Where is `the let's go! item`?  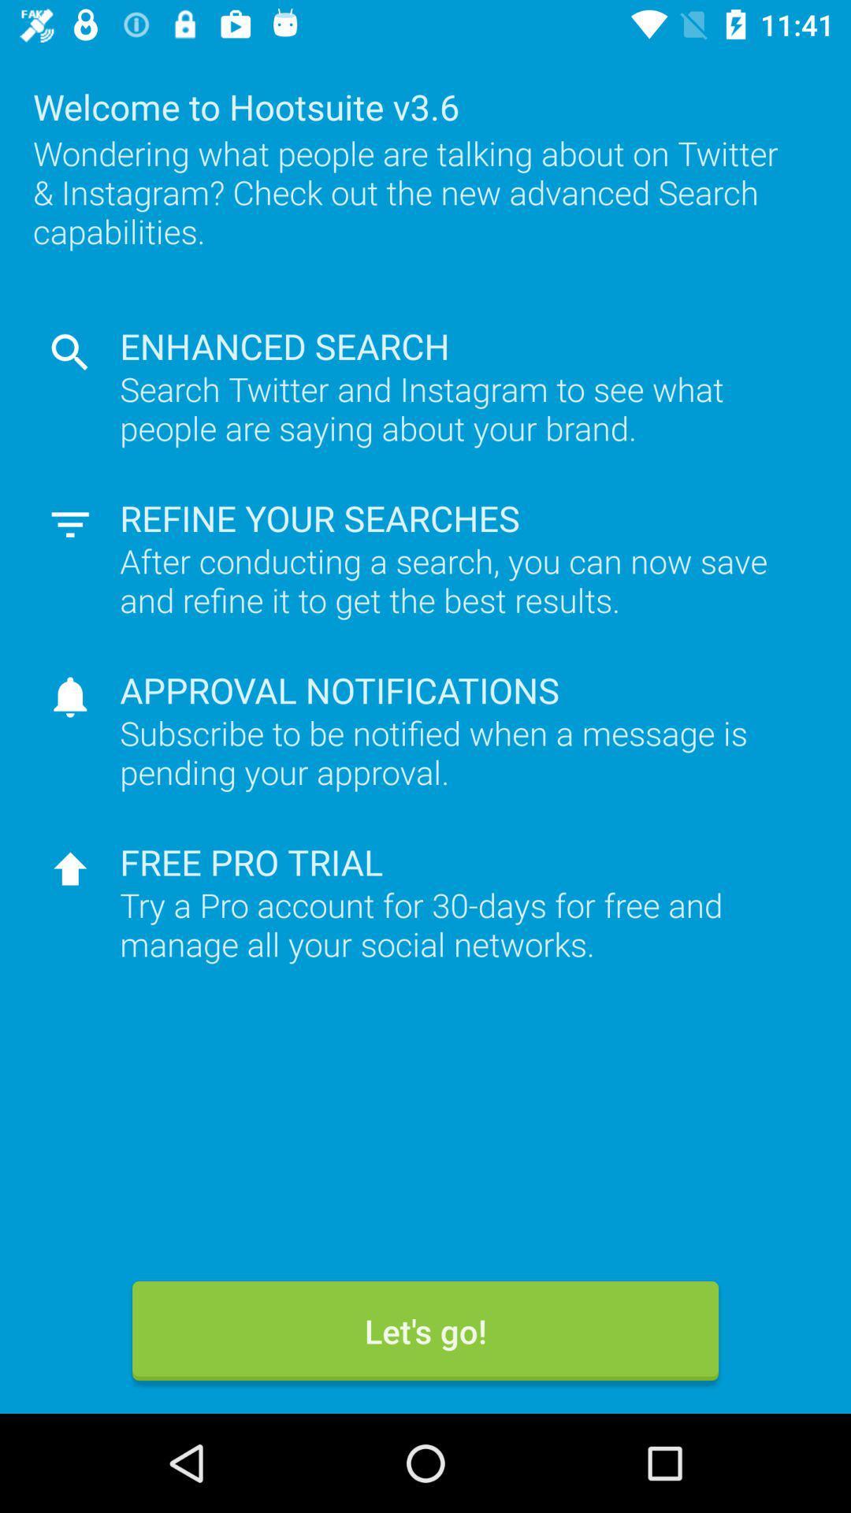 the let's go! item is located at coordinates (425, 1330).